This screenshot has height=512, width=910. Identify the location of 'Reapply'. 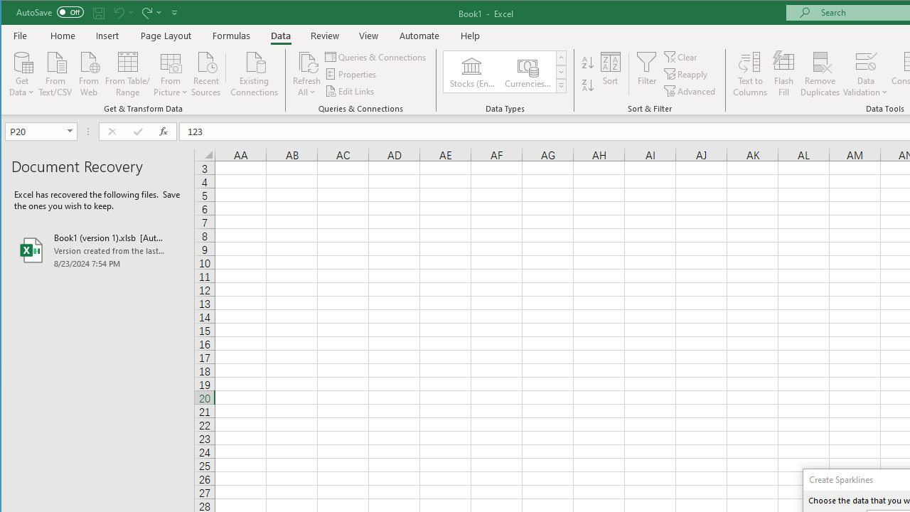
(687, 74).